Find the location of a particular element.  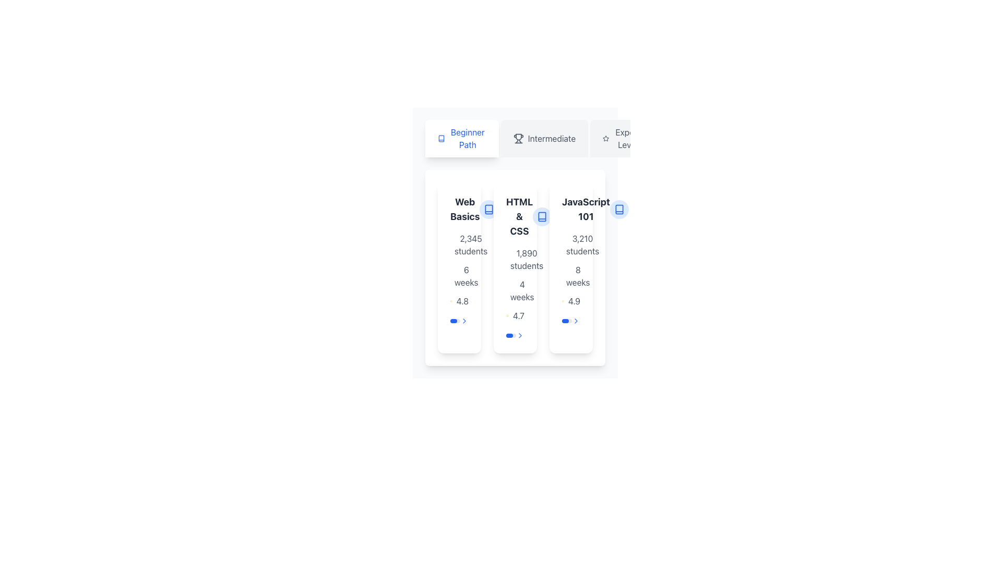

the bold, large-text label displaying 'HTML & CSS' located at the top of the second card in a horizontally aligned list of course options is located at coordinates (519, 216).